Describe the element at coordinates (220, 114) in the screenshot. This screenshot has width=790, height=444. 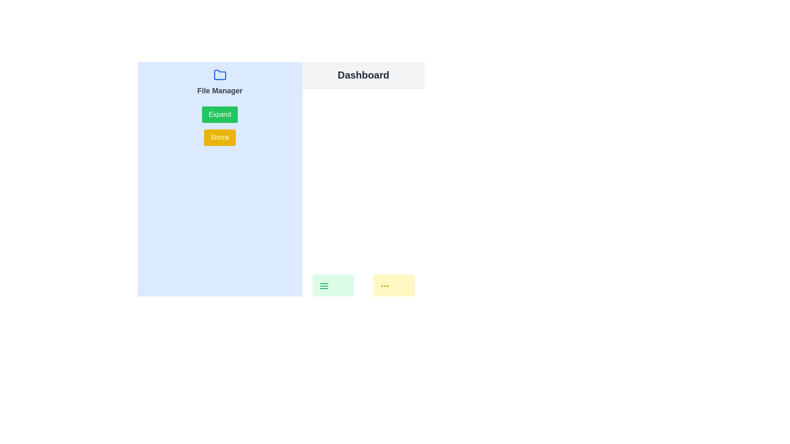
I see `the green 'Expand' button with rounded corners located in the 'File Manager' sidebar` at that location.